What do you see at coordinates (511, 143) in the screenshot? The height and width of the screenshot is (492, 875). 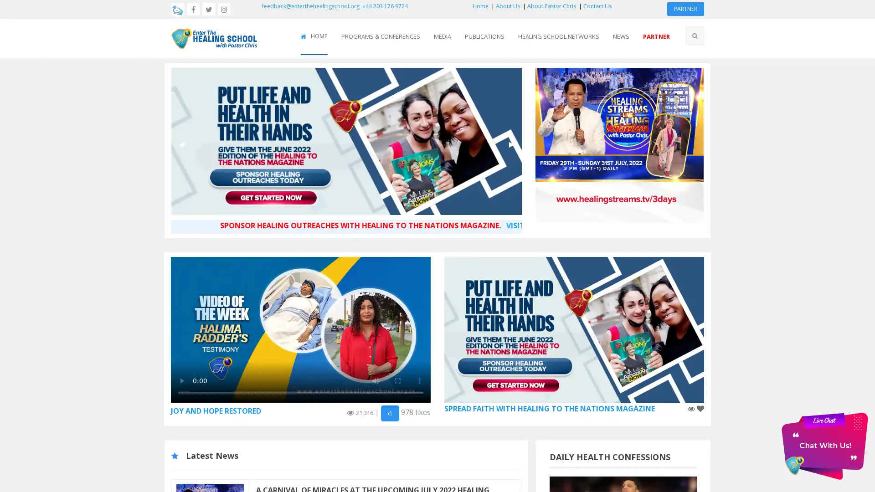 I see `Next Slide` at bounding box center [511, 143].